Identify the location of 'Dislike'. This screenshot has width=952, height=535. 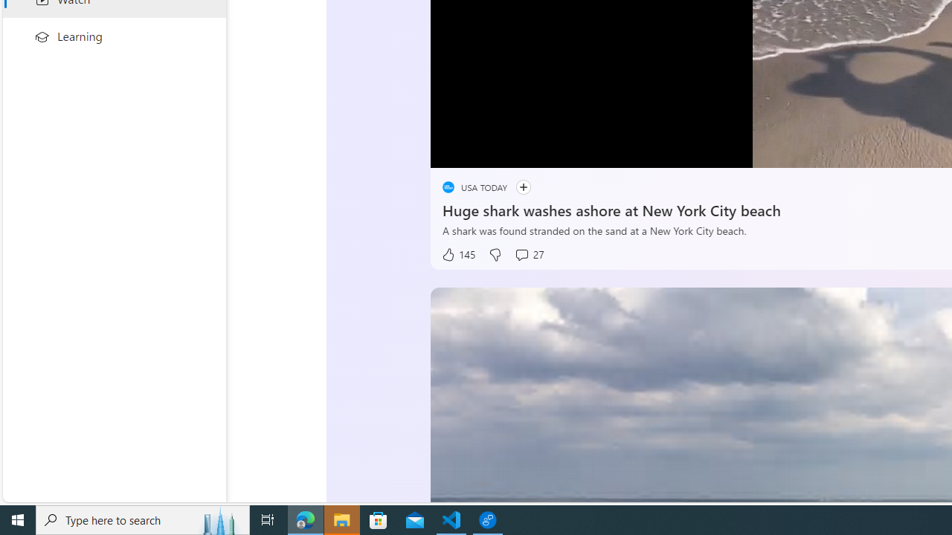
(494, 254).